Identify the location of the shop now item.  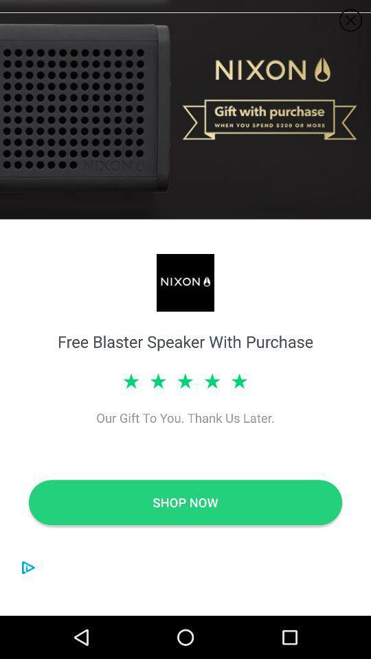
(185, 502).